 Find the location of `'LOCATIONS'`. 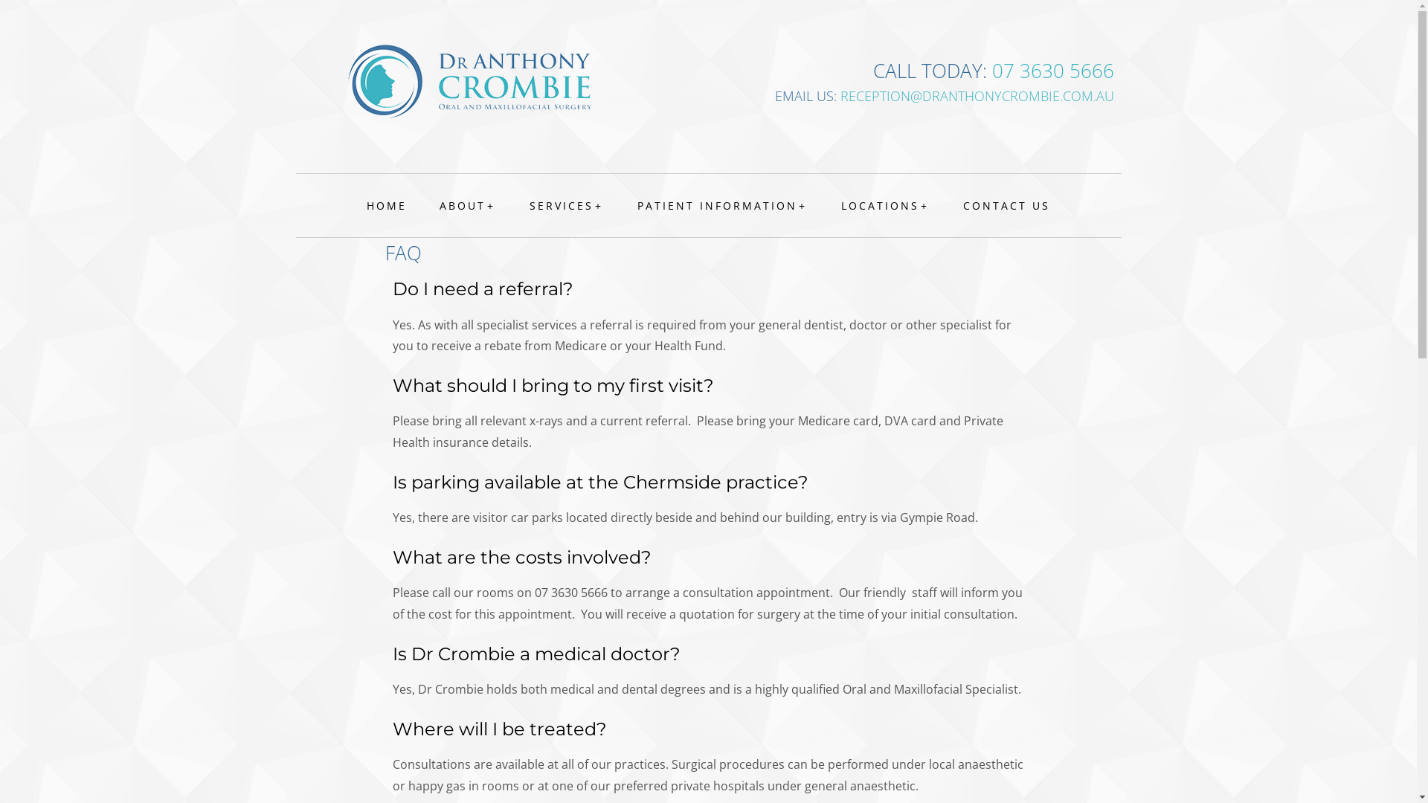

'LOCATIONS' is located at coordinates (885, 205).